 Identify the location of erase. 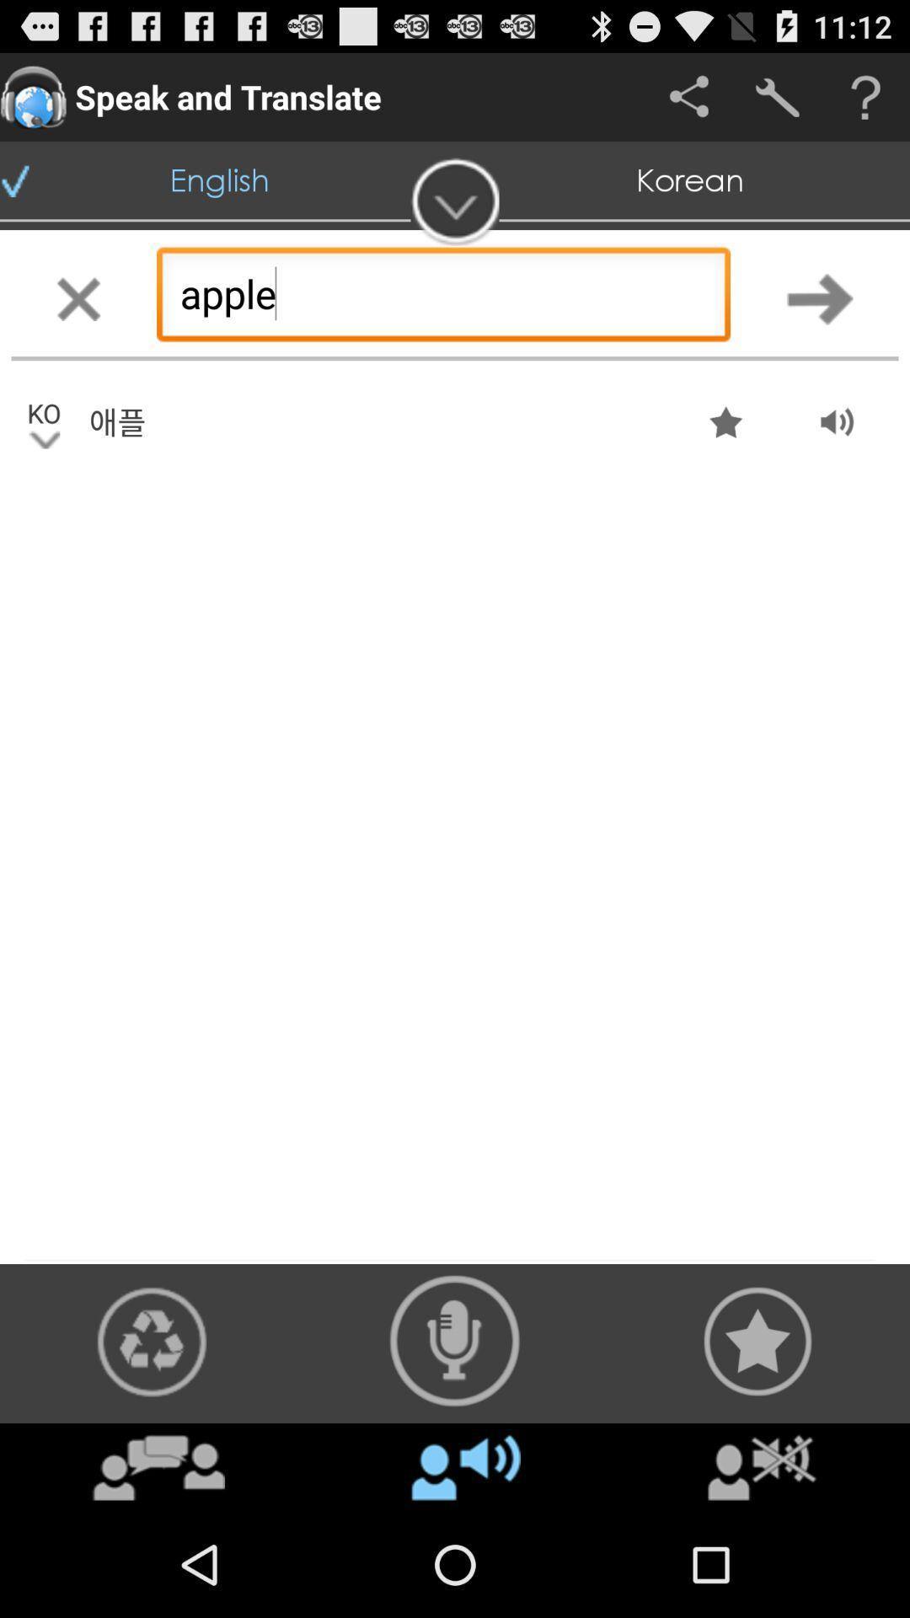
(78, 298).